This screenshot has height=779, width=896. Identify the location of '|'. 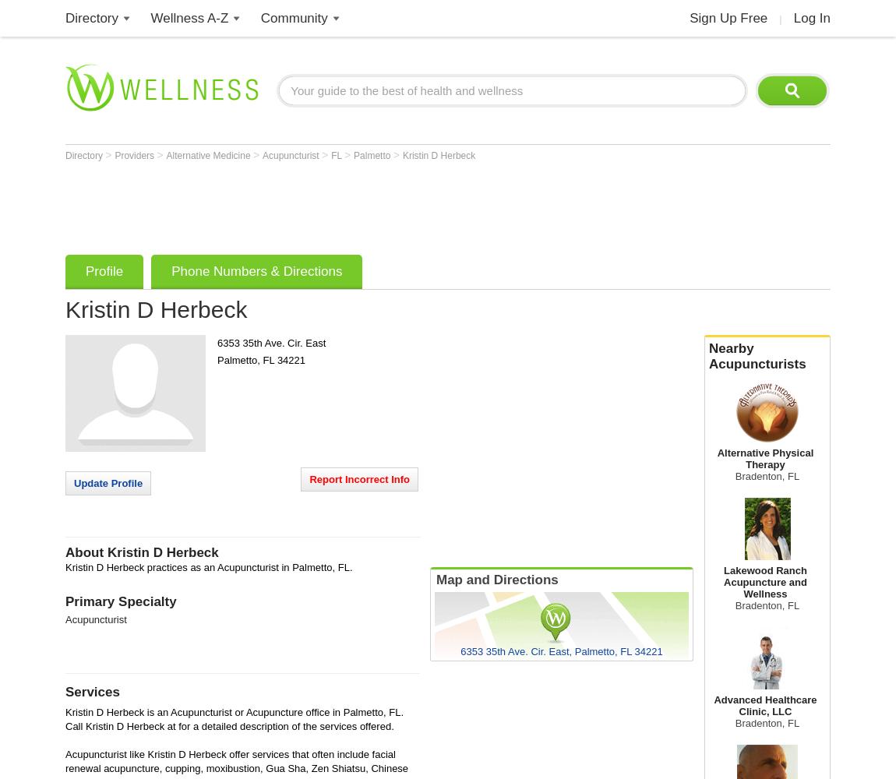
(780, 19).